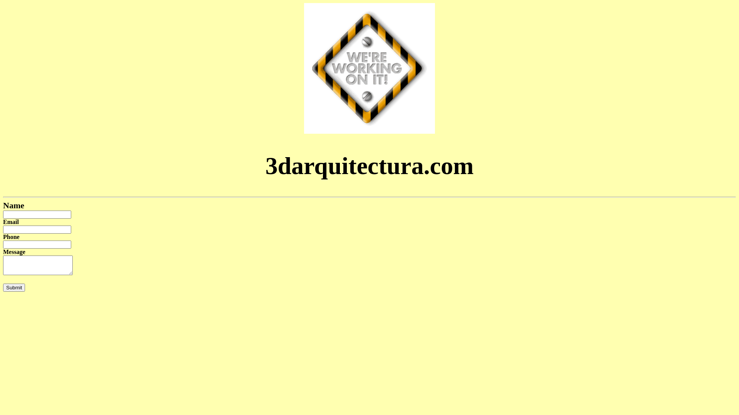 The height and width of the screenshot is (415, 739). What do you see at coordinates (14, 287) in the screenshot?
I see `'Submit'` at bounding box center [14, 287].